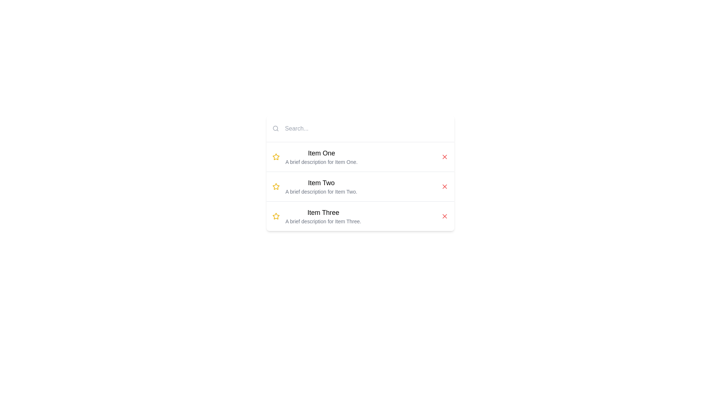  Describe the element at coordinates (321, 162) in the screenshot. I see `the text content of the description label located directly beneath the title 'Item One' in the vertical list structure` at that location.